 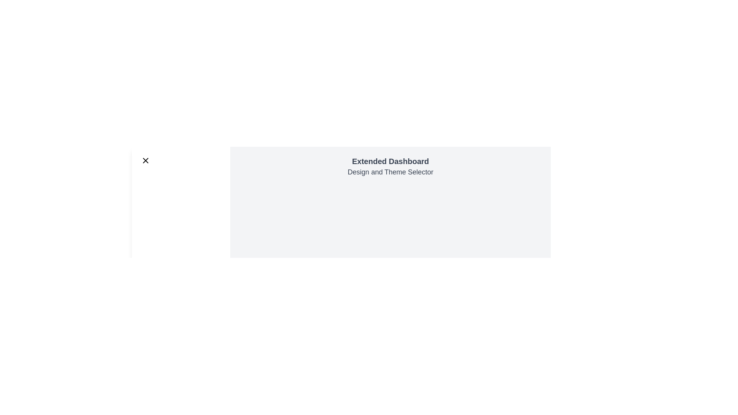 What do you see at coordinates (180, 213) in the screenshot?
I see `the navigation item Calendar` at bounding box center [180, 213].